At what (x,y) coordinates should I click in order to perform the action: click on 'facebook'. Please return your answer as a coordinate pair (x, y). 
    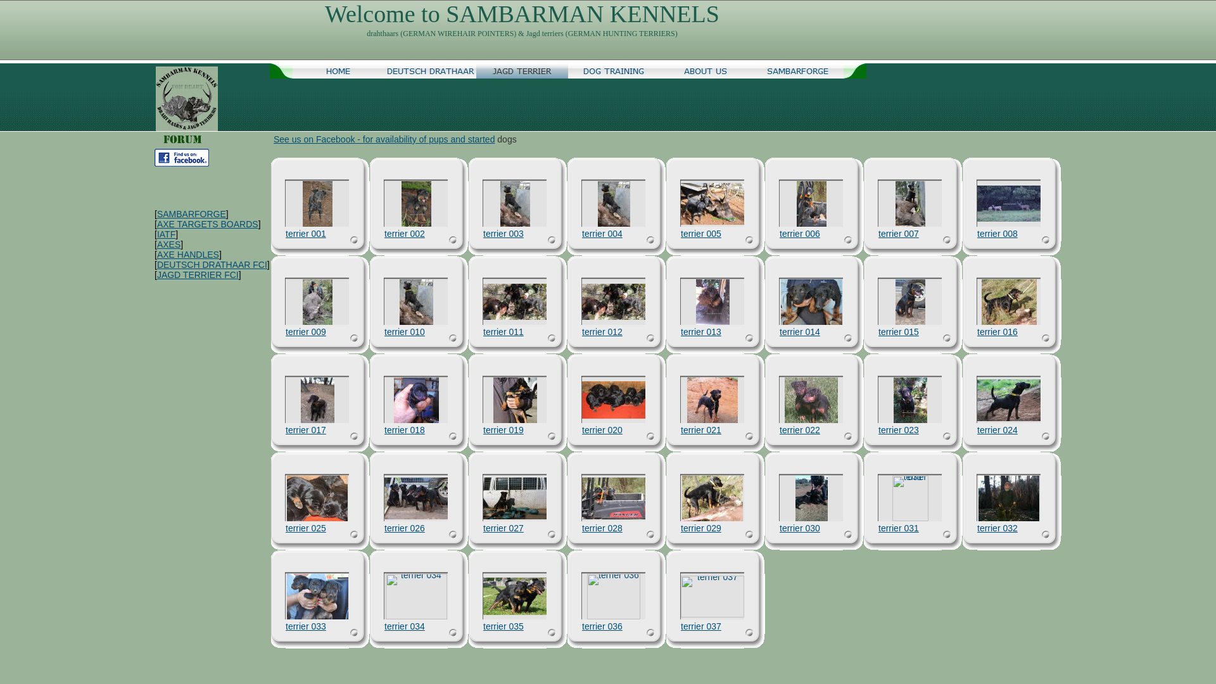
    Looking at the image, I should click on (154, 157).